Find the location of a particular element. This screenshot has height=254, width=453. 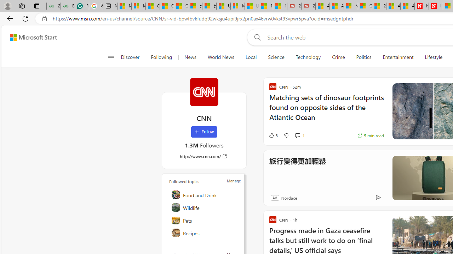

'Illness news & latest pictures from Newsweek.com' is located at coordinates (435, 6).